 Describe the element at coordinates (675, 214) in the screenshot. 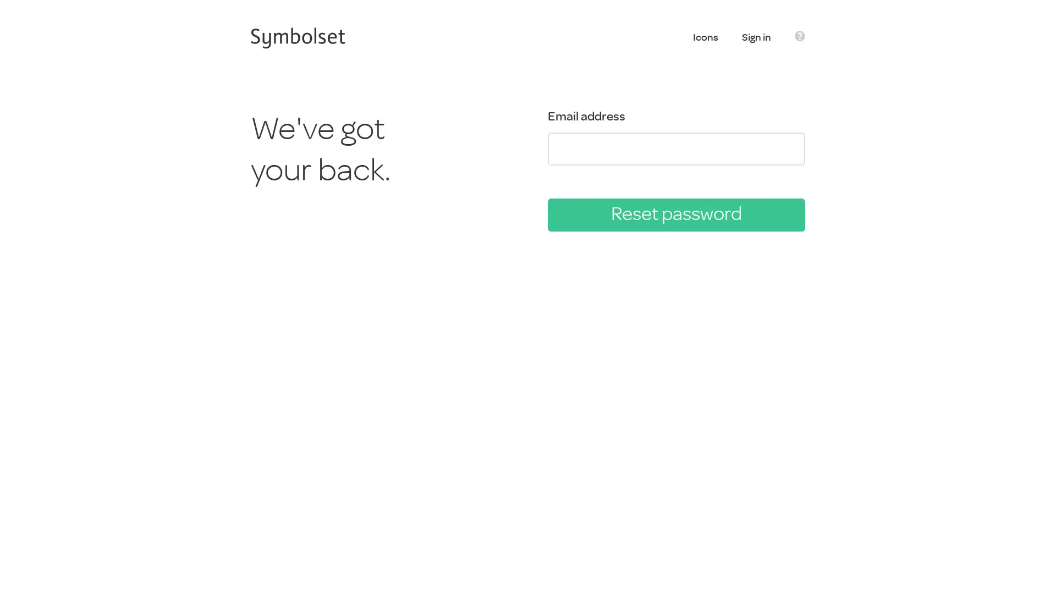

I see `Reset password` at that location.